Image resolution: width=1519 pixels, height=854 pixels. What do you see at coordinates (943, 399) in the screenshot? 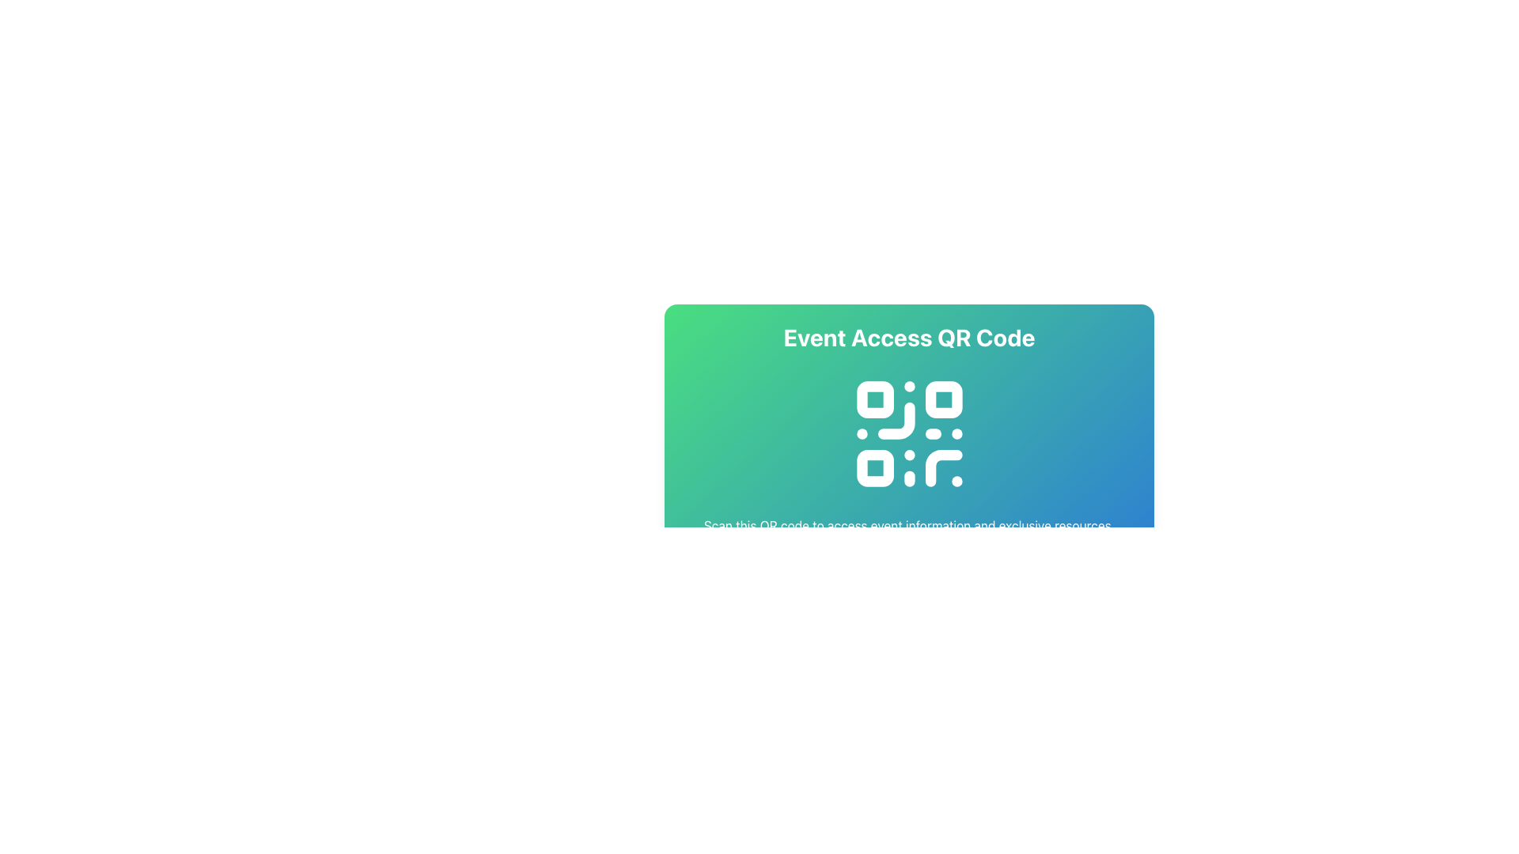
I see `the second square in the top row of the QR code, which is a visual component of the QR code's scannable pattern` at bounding box center [943, 399].